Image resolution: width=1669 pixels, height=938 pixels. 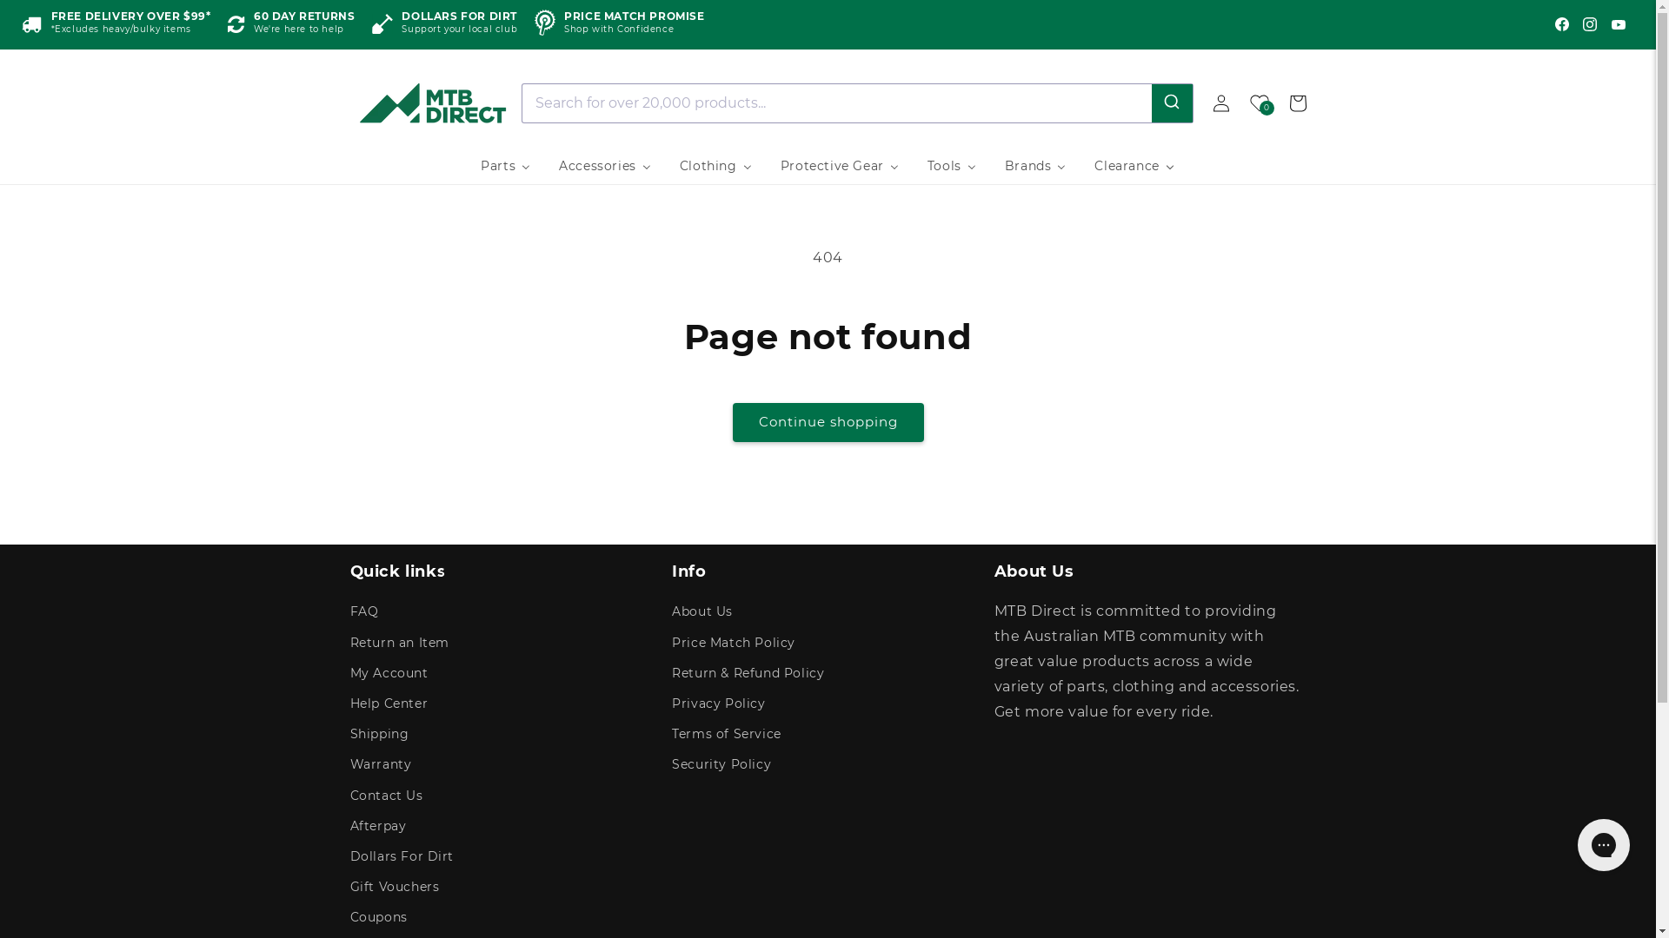 What do you see at coordinates (1259, 102) in the screenshot?
I see `'0'` at bounding box center [1259, 102].